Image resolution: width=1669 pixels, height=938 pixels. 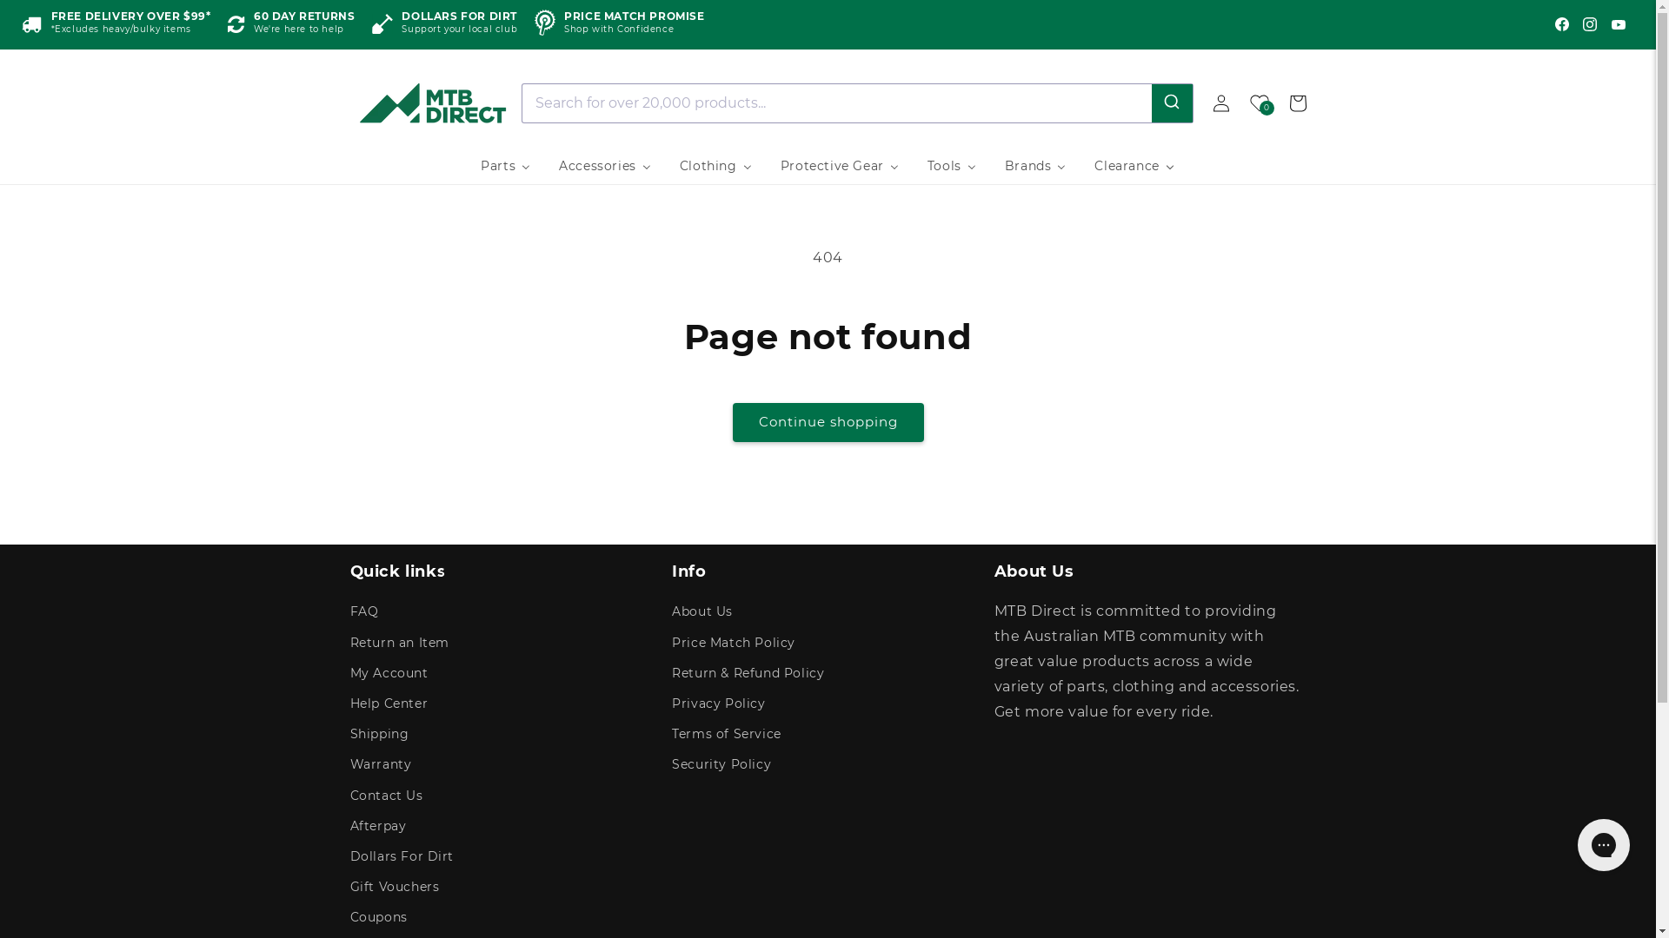 What do you see at coordinates (1259, 102) in the screenshot?
I see `'0'` at bounding box center [1259, 102].